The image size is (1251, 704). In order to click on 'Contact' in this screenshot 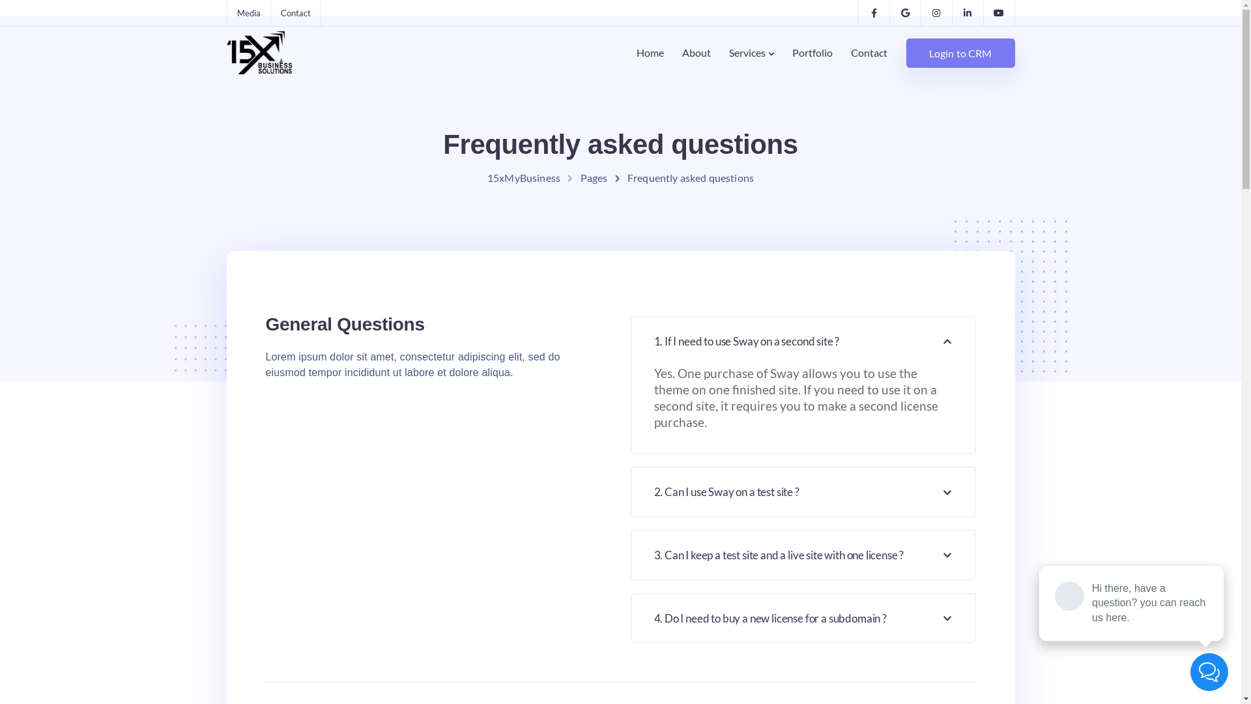, I will do `click(280, 12)`.